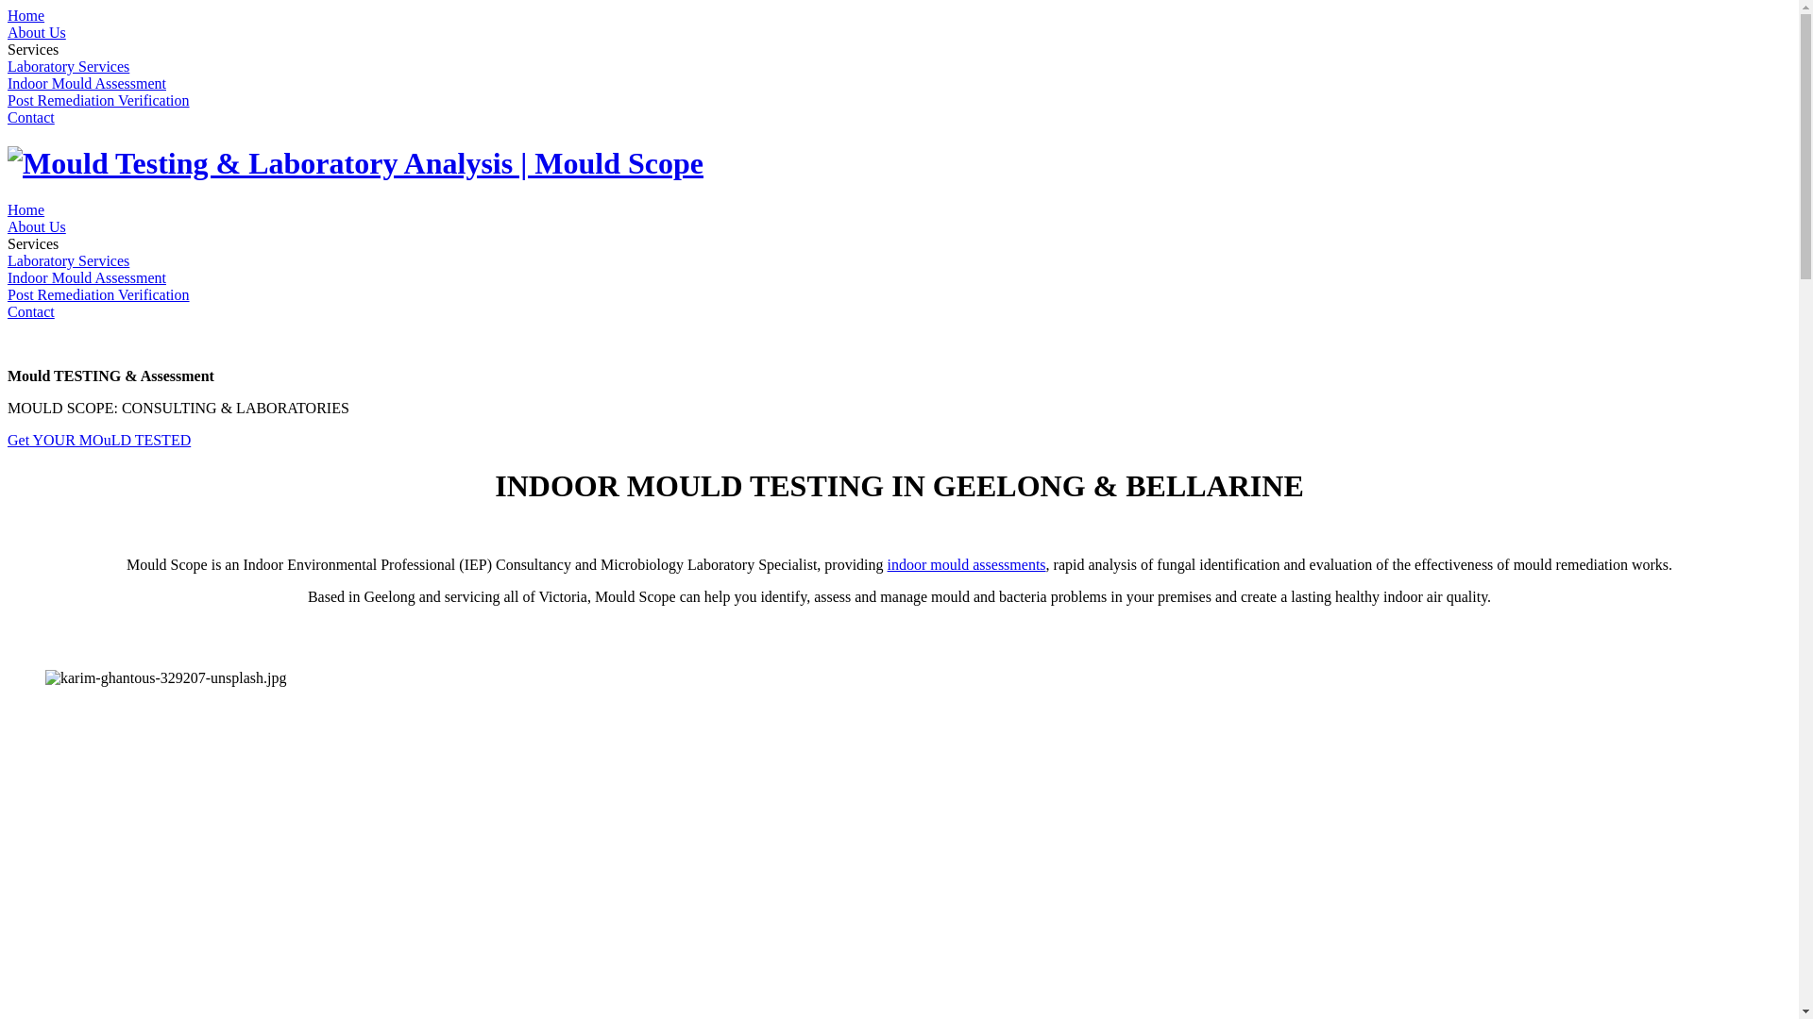 This screenshot has height=1019, width=1813. What do you see at coordinates (36, 32) in the screenshot?
I see `'About Us'` at bounding box center [36, 32].